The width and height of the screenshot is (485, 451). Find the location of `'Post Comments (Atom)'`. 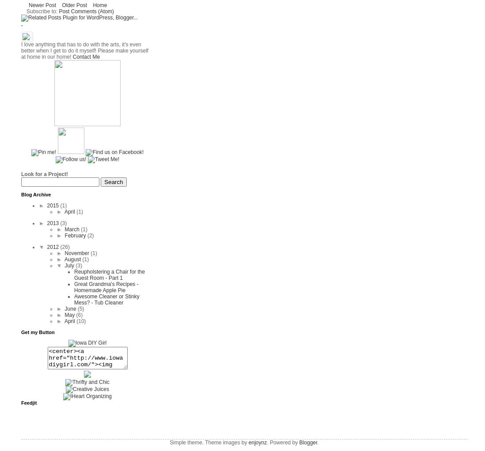

'Post Comments (Atom)' is located at coordinates (86, 11).